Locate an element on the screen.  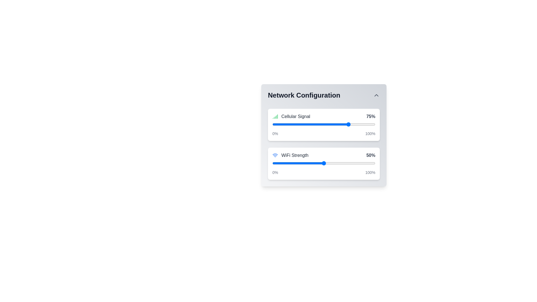
the blue circular knob of the horizontal Range Slider labeled 'WiFi Strength', which is positioned above the labels '0%' and '100%' in the 'Network Configuration' interface is located at coordinates (324, 163).